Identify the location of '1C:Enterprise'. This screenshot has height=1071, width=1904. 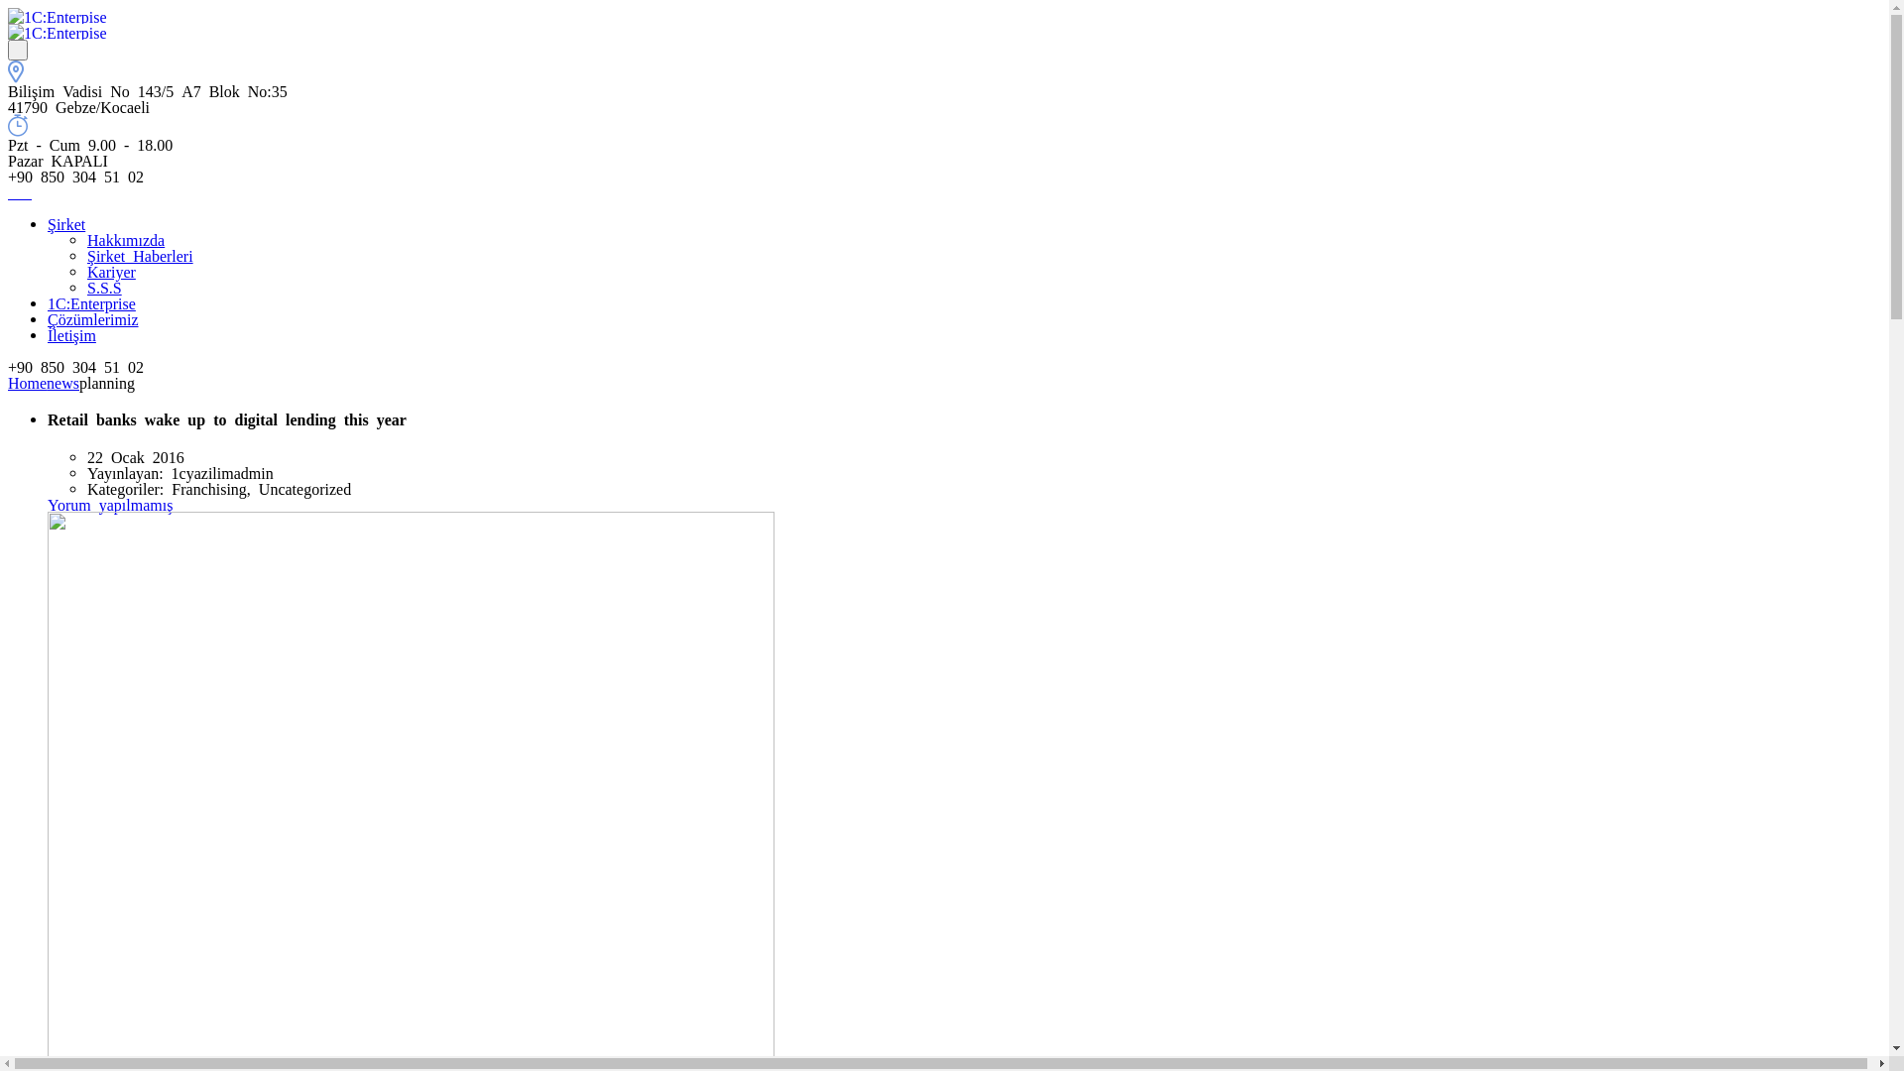
(90, 301).